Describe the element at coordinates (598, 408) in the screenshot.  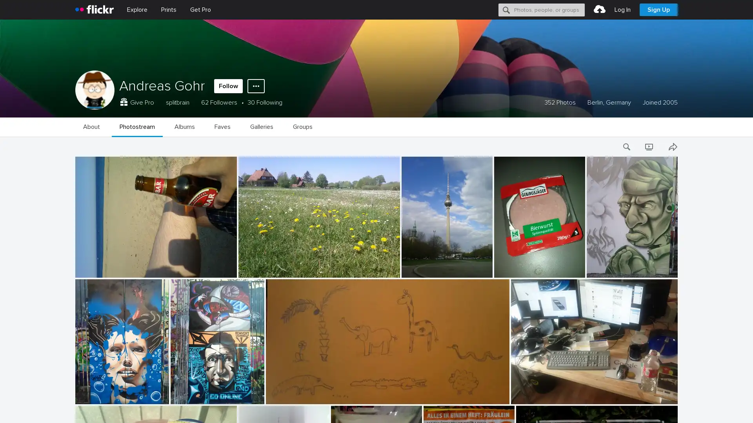
I see `Accept` at that location.